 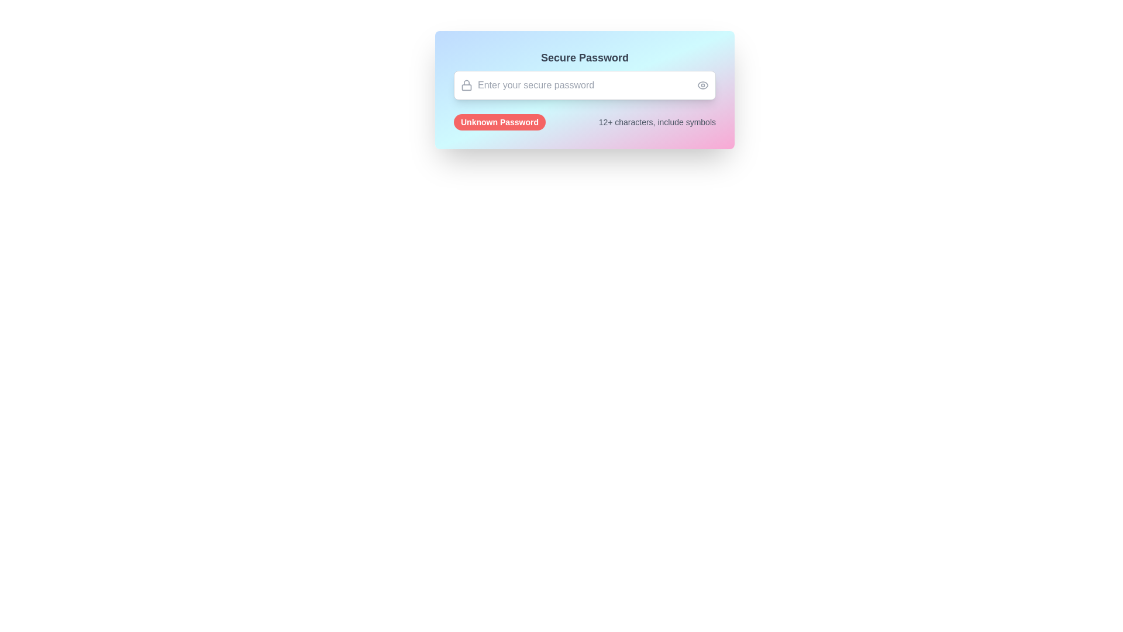 What do you see at coordinates (702, 85) in the screenshot?
I see `the eye icon button located inside the password input field` at bounding box center [702, 85].